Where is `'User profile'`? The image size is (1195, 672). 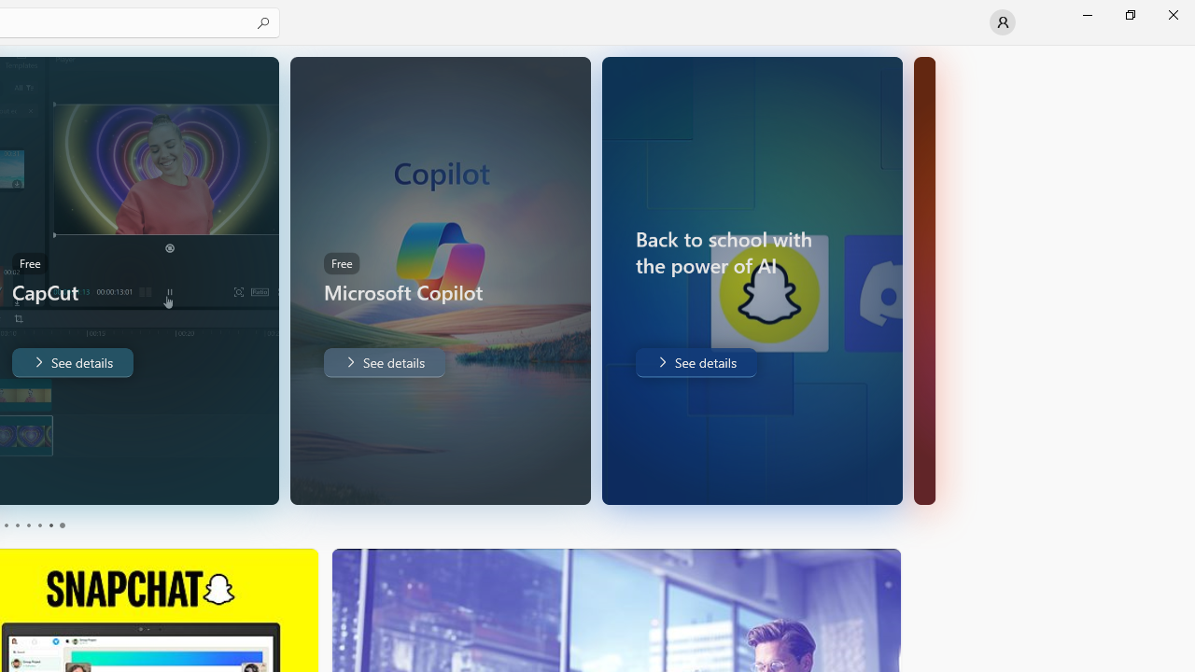 'User profile' is located at coordinates (1001, 22).